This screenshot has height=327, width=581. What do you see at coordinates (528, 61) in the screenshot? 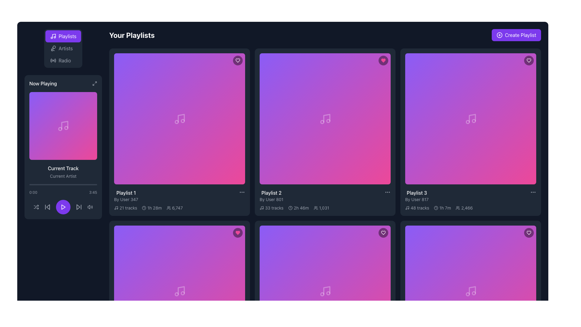
I see `the heart icon button located in the top-right corner of Playlist 3` at bounding box center [528, 61].